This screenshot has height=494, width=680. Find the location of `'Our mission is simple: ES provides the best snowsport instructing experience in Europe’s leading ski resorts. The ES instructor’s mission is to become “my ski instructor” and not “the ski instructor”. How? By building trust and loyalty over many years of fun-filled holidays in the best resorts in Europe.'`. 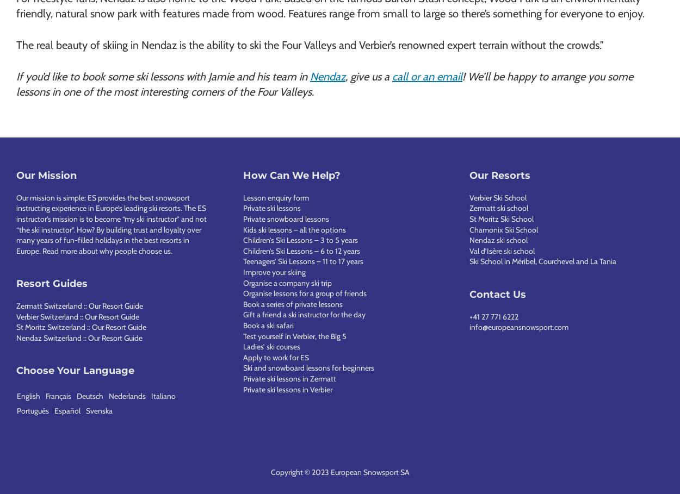

'Our mission is simple: ES provides the best snowsport instructing experience in Europe’s leading ski resorts. The ES instructor’s mission is to become “my ski instructor” and not “the ski instructor”. How? By building trust and loyalty over many years of fun-filled holidays in the best resorts in Europe.' is located at coordinates (111, 223).